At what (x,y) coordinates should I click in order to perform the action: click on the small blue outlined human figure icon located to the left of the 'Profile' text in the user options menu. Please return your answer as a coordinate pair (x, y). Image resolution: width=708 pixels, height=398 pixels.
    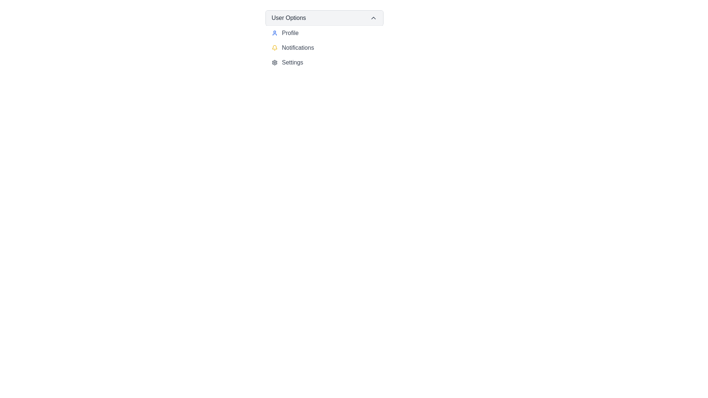
    Looking at the image, I should click on (274, 32).